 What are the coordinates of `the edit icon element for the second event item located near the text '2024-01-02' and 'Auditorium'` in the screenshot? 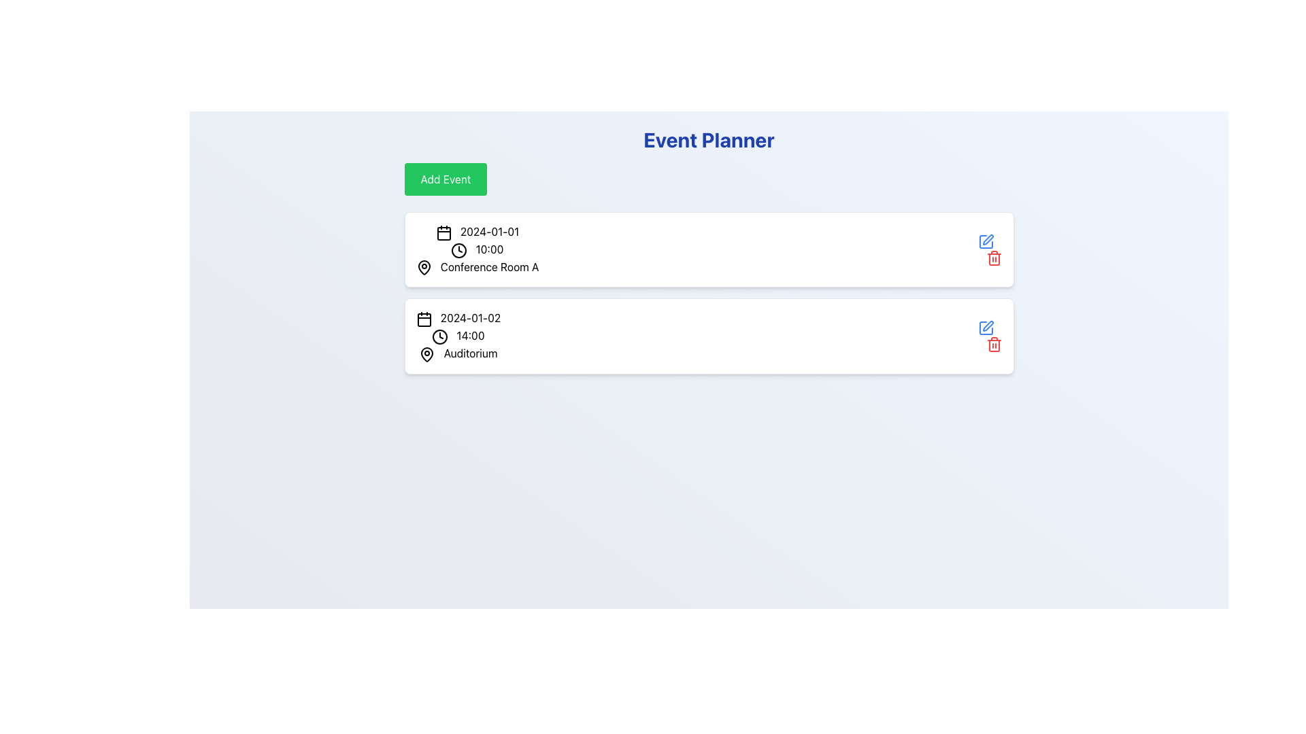 It's located at (986, 241).